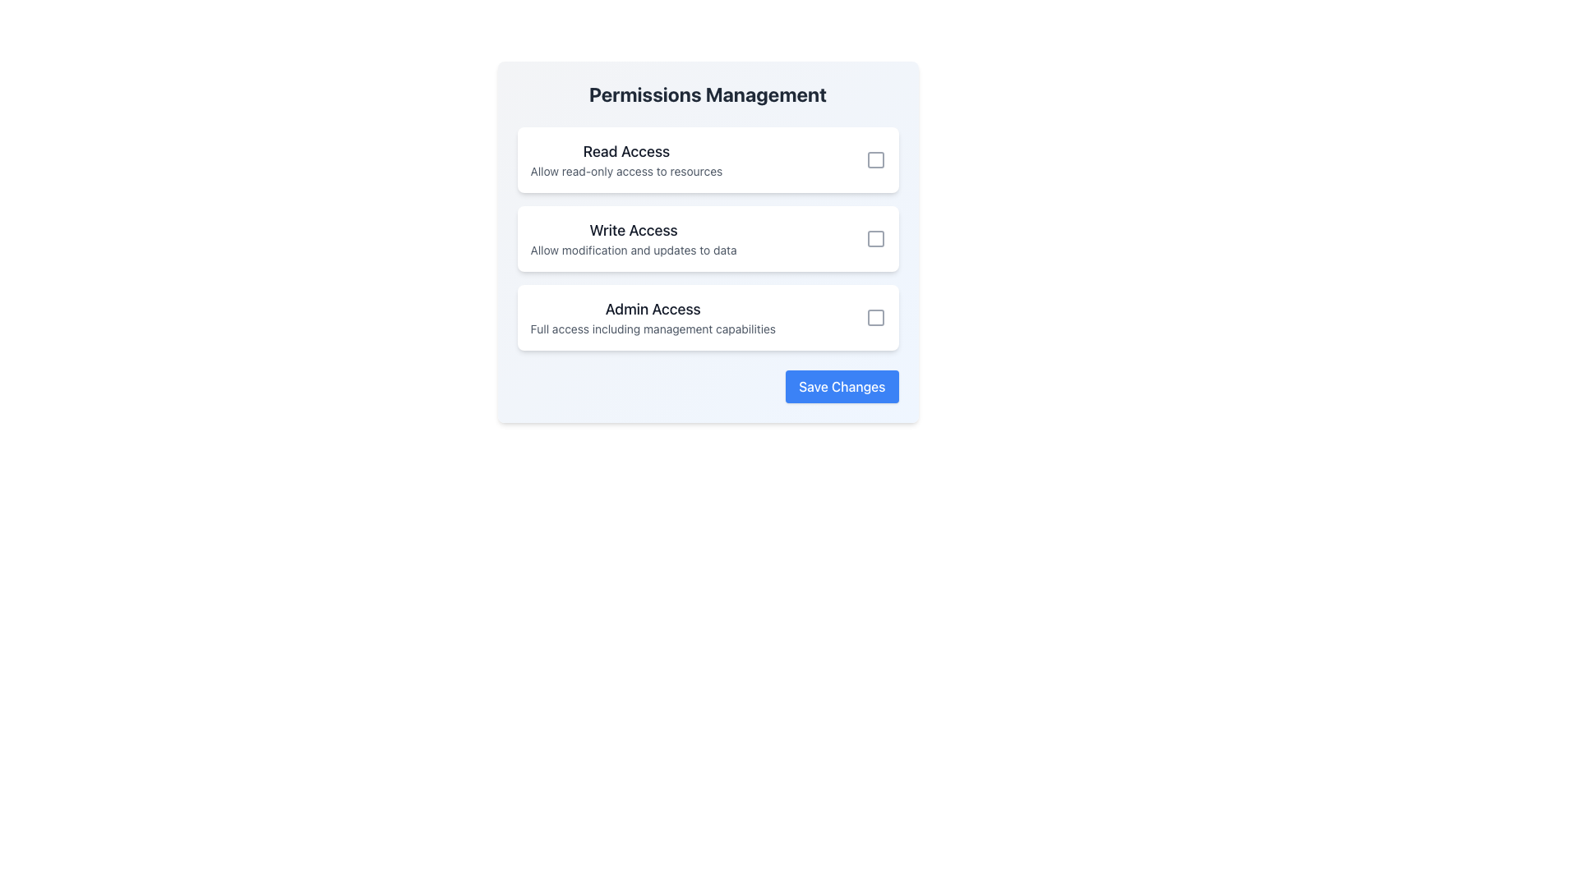  I want to click on the interactive checkbox for Admin Access permission located in the Permissions Management section, so click(874, 317).